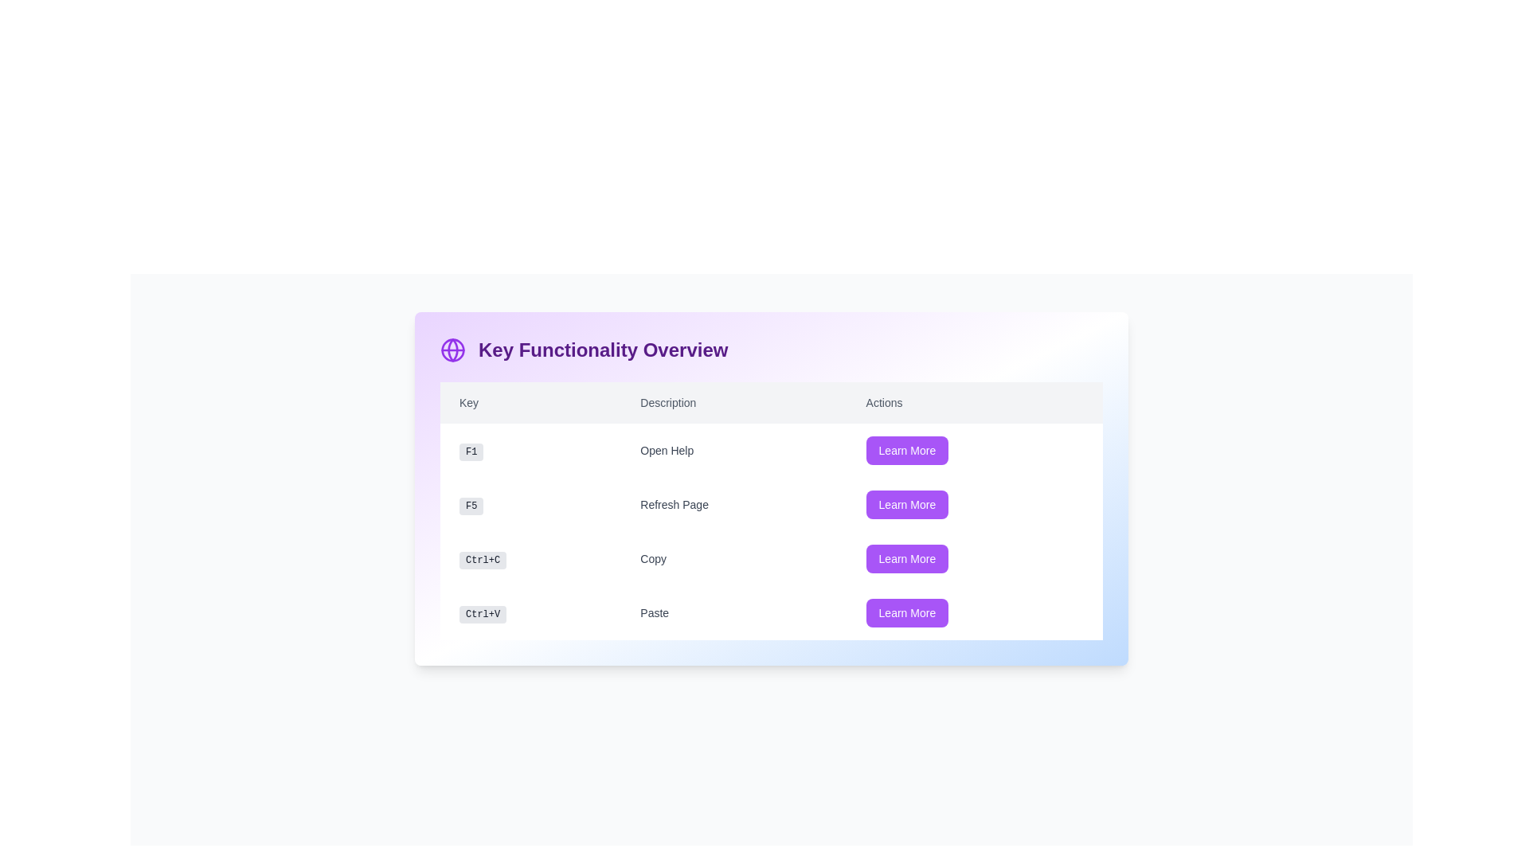 The height and width of the screenshot is (860, 1529). I want to click on the label representing the F1 key in the 'Key Functionality Overview' section, located above the F5 key, so click(471, 451).